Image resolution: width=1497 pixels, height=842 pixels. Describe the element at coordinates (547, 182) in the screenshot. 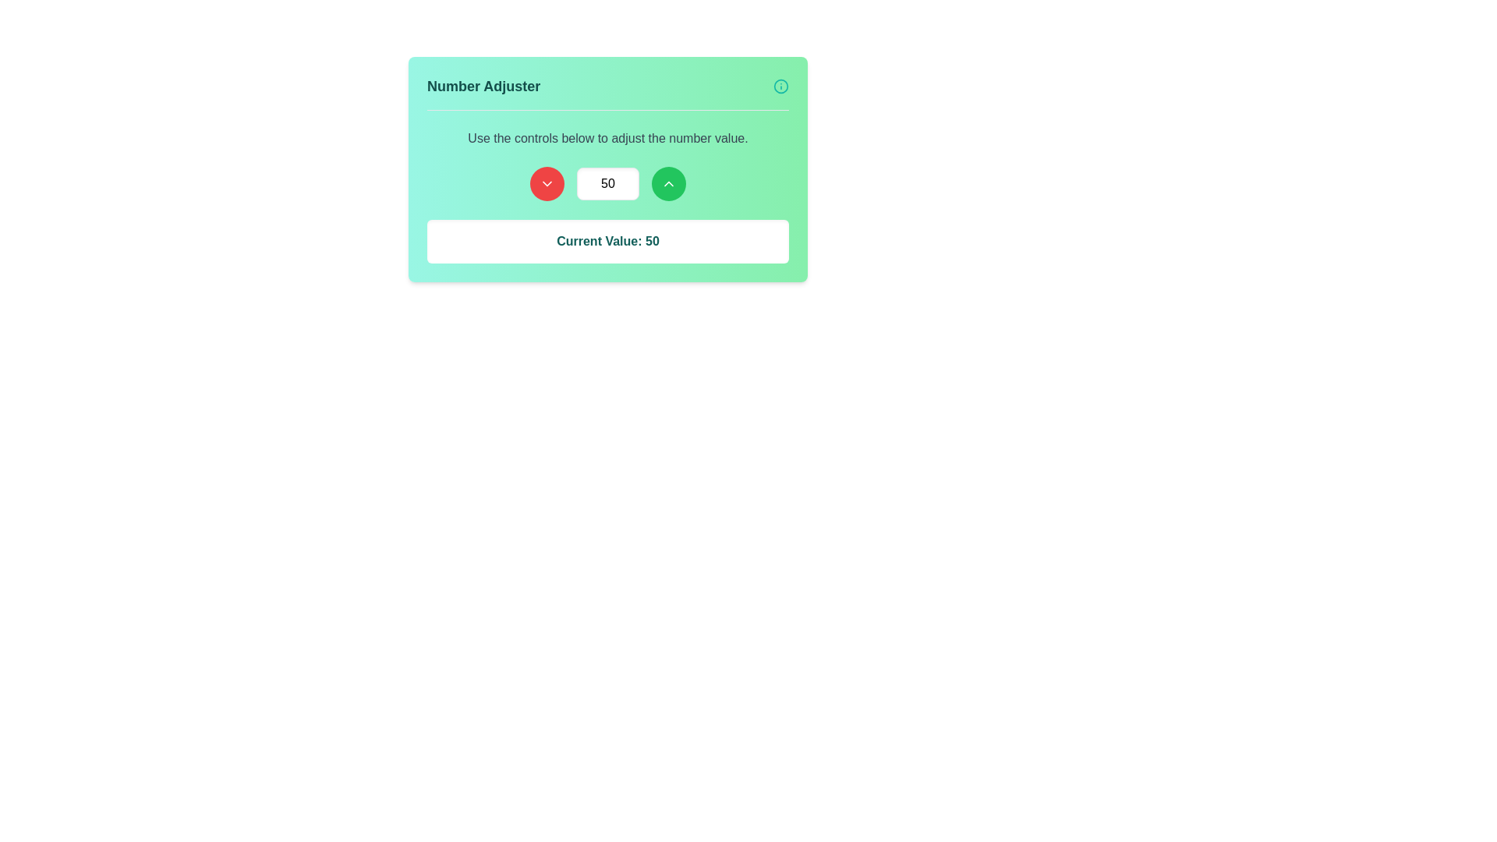

I see `the button that decreases the numerical value displayed in the adjacent text field, which is located to the left of a text field showing '50' and adjacent to a green circular button on the right` at that location.